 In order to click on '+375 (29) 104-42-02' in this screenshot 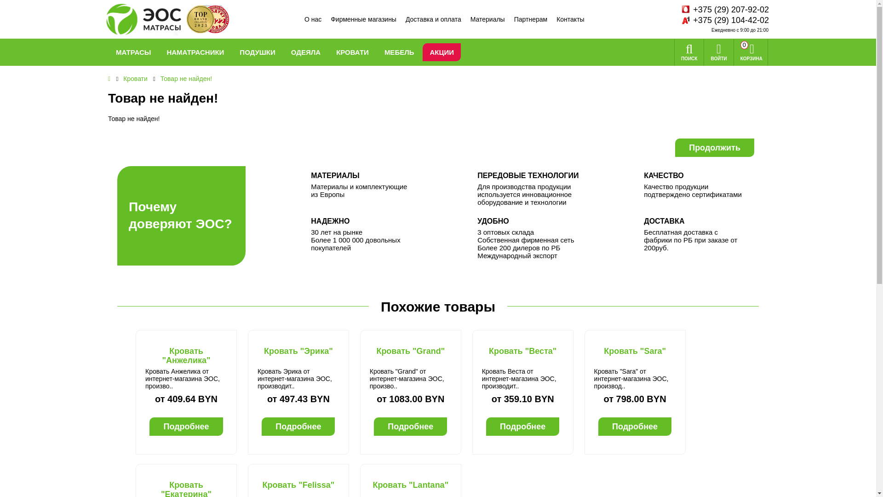, I will do `click(691, 20)`.